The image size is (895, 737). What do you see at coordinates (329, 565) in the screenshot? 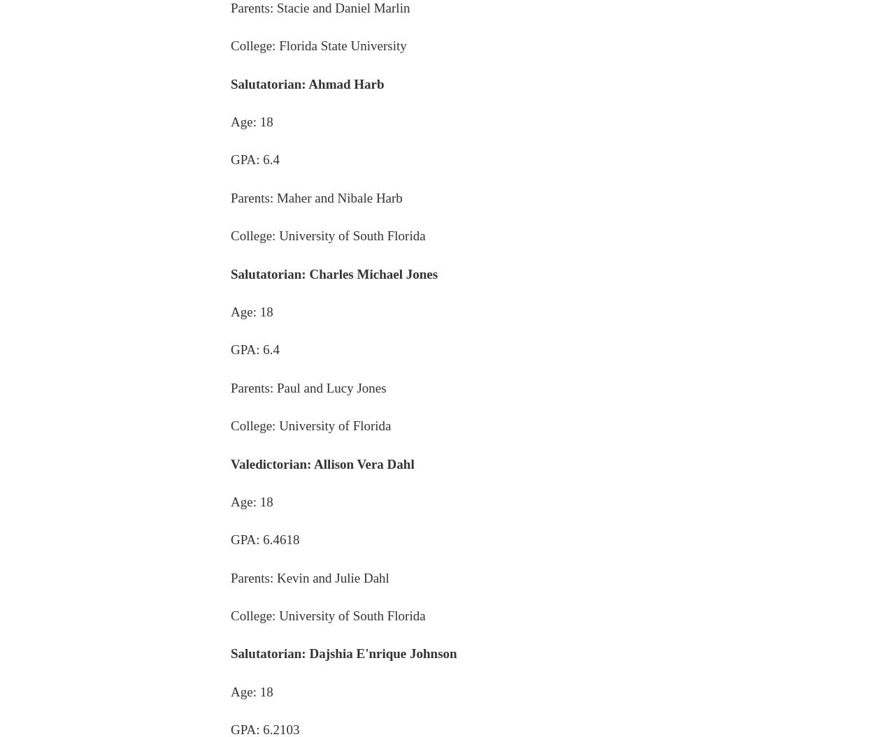
I see `'About us'` at bounding box center [329, 565].